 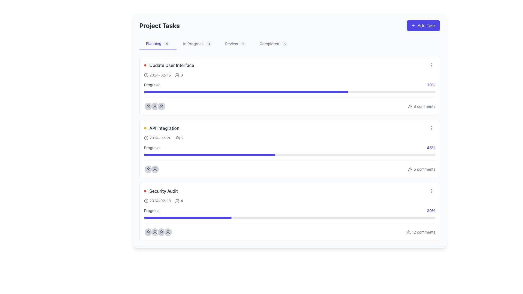 What do you see at coordinates (169, 65) in the screenshot?
I see `the title label of the first task item in the 'Planning' section, which helps users identify the task quickly` at bounding box center [169, 65].